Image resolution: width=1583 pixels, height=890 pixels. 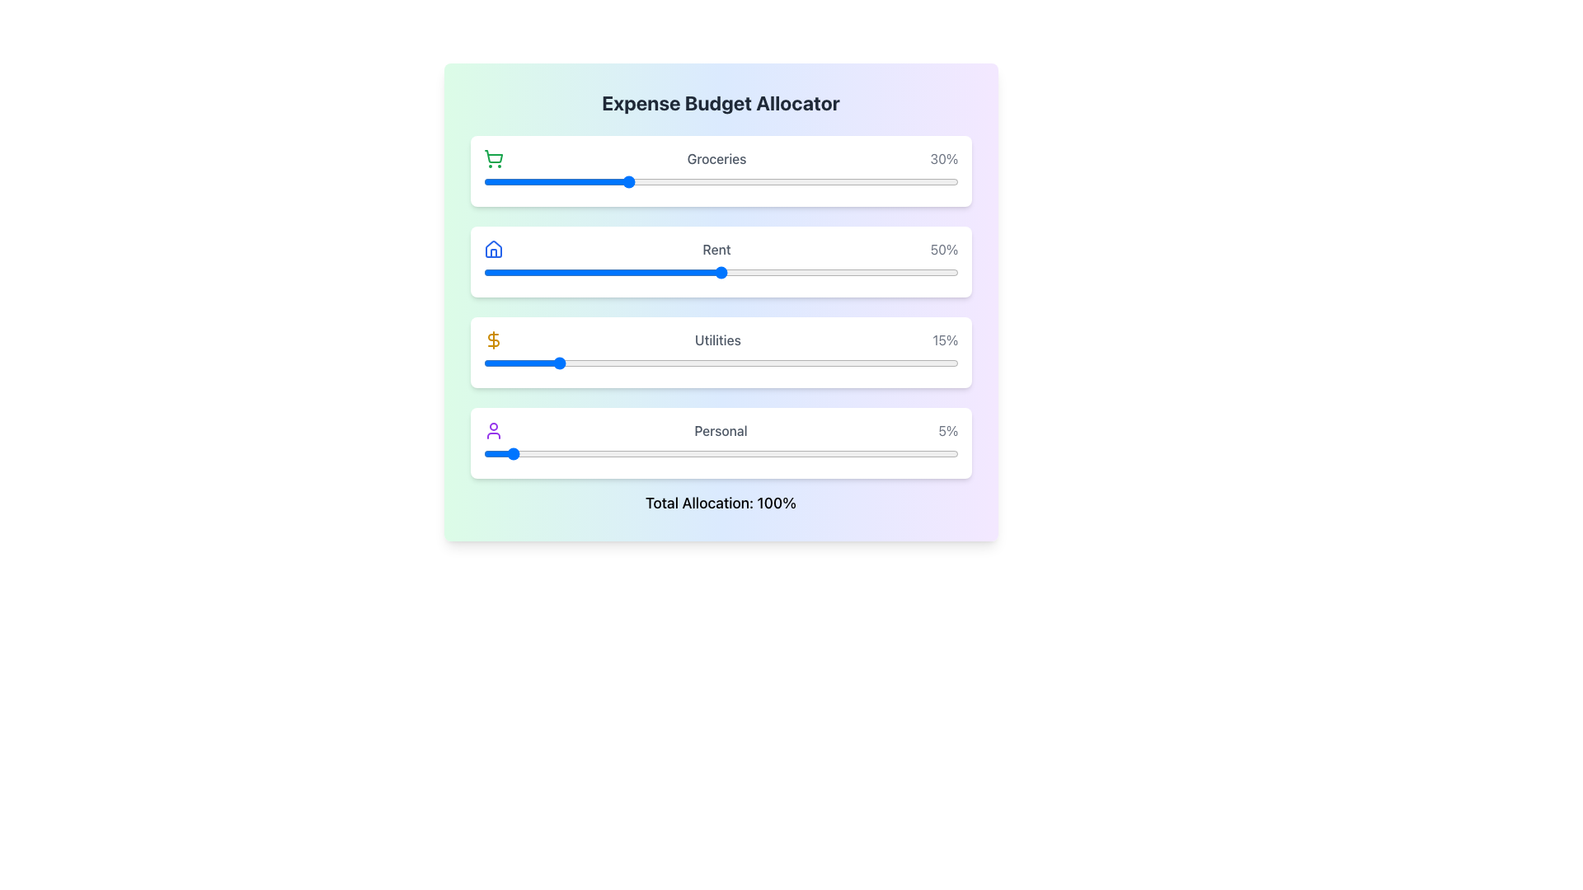 What do you see at coordinates (492, 339) in the screenshot?
I see `the 'Utilities' budget entry icon, which represents the monetary category for utilities, located to the left of the text 'Utilities' in the budget list` at bounding box center [492, 339].